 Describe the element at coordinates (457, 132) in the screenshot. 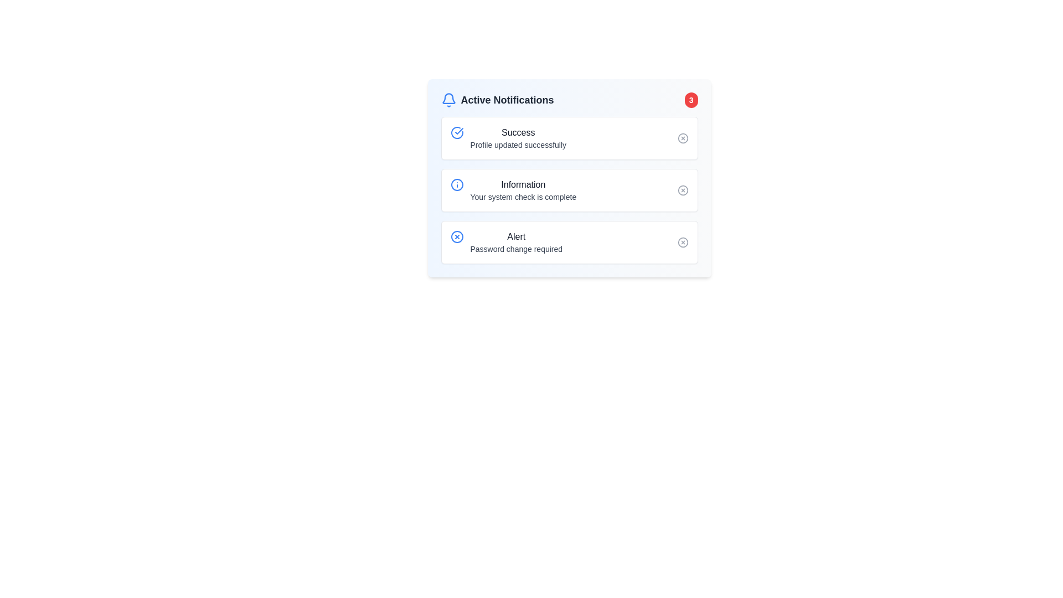

I see `the success notification icon, which is the leftmost icon in the first stack of notification cards at the top of the notification list, aligning horizontally with the 'Success' text` at that location.